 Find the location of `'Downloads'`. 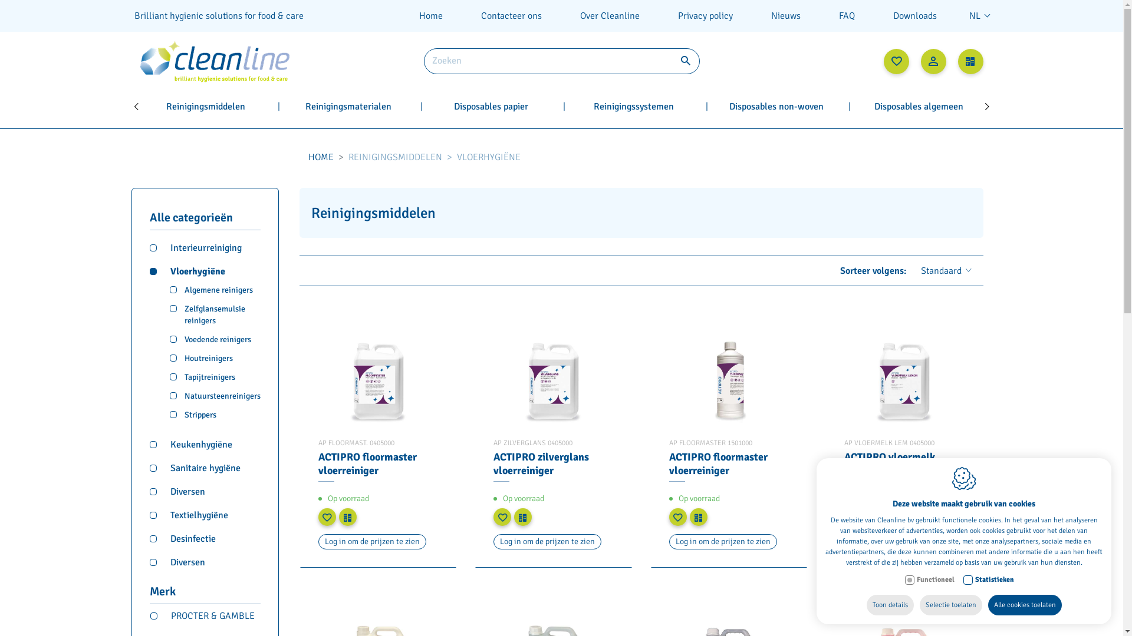

'Downloads' is located at coordinates (914, 16).